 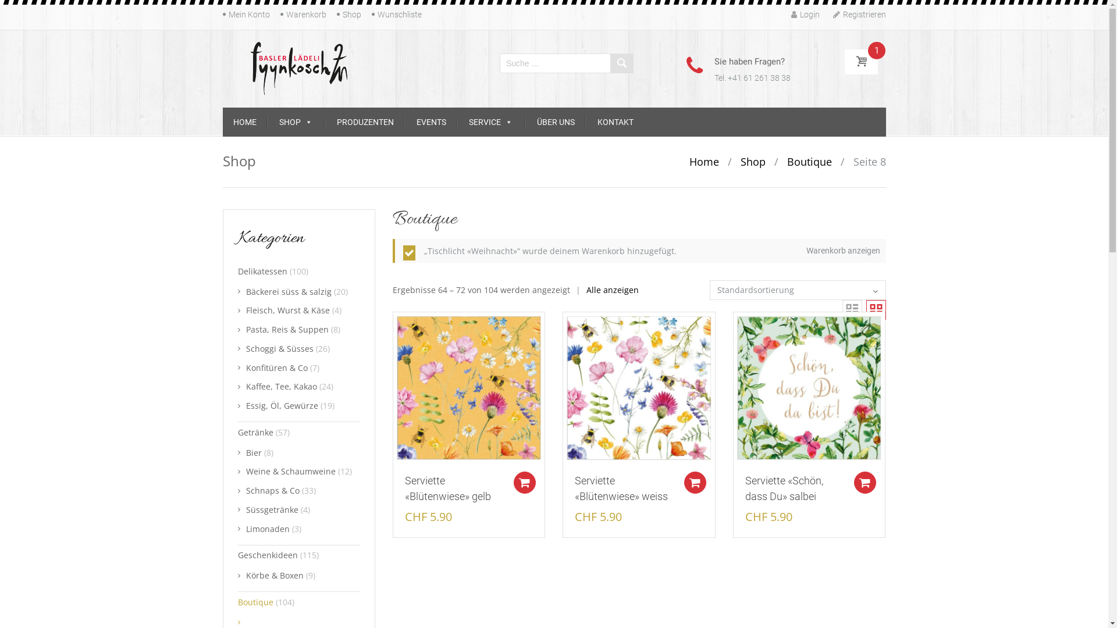 What do you see at coordinates (399, 14) in the screenshot?
I see `'Wunschliste'` at bounding box center [399, 14].